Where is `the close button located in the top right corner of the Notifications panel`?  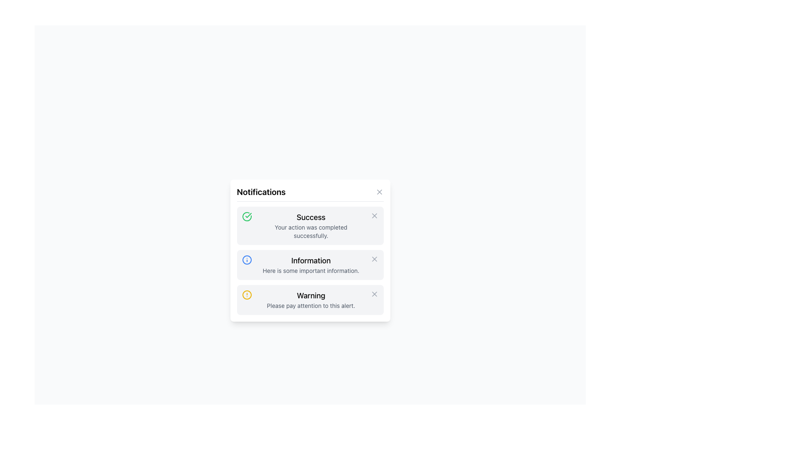
the close button located in the top right corner of the Notifications panel is located at coordinates (379, 192).